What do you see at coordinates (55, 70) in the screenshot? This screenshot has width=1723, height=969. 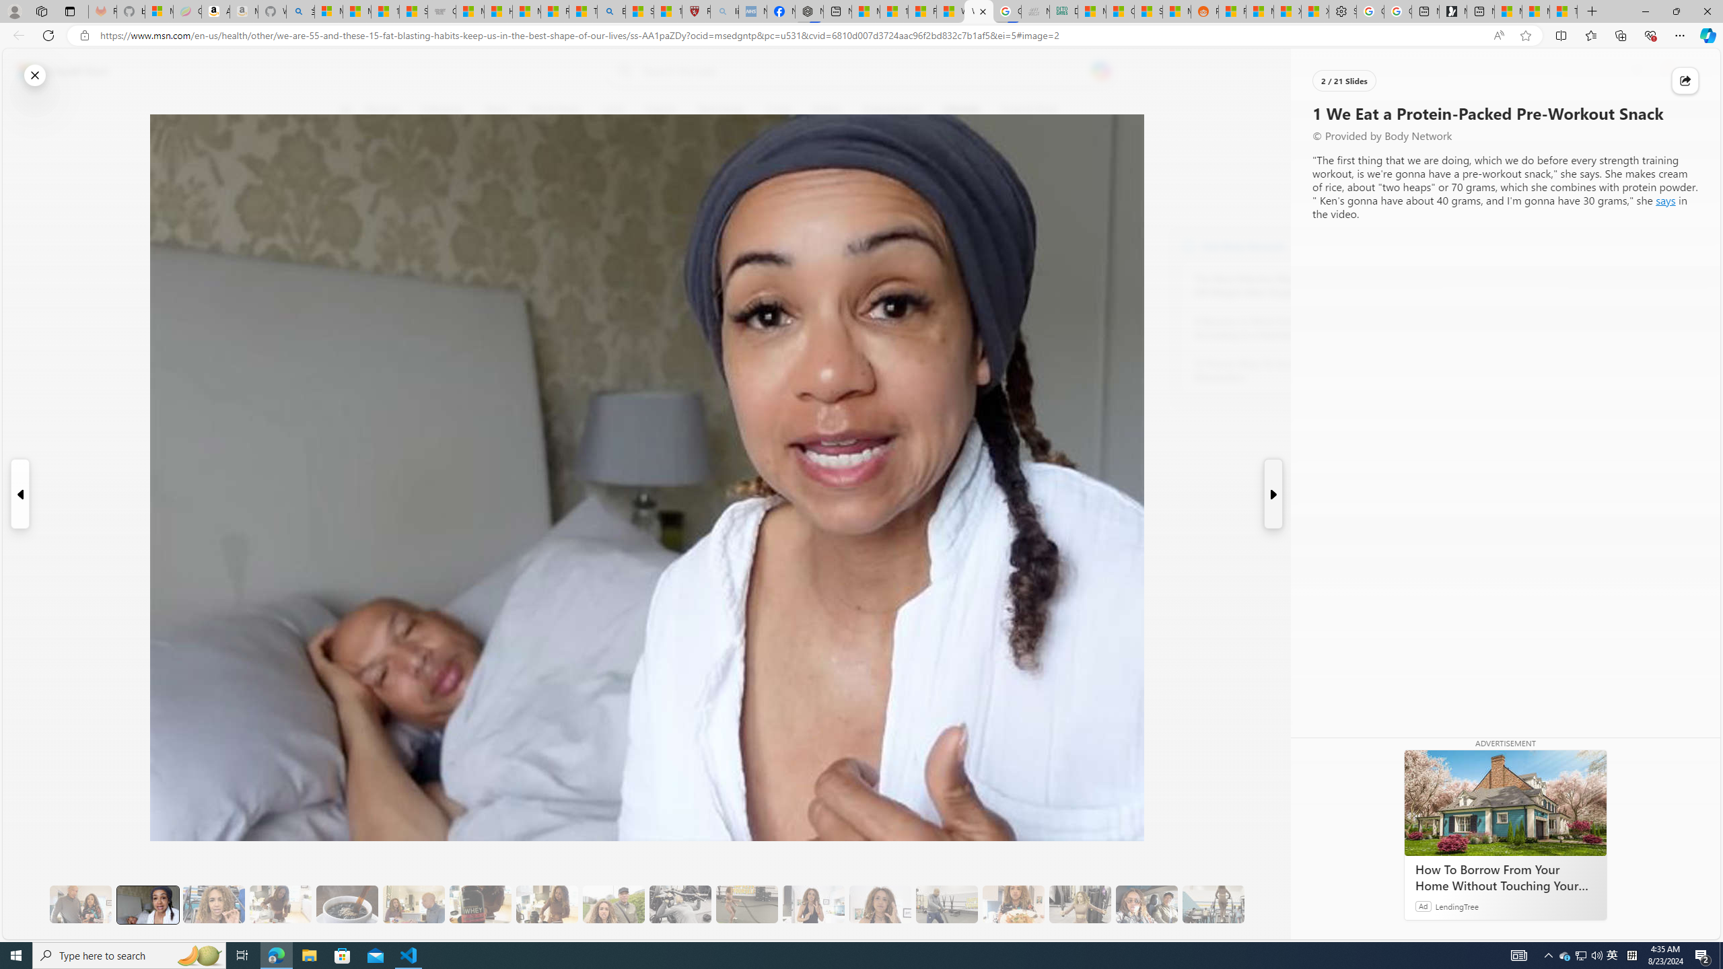 I see `'Skip to footer'` at bounding box center [55, 70].